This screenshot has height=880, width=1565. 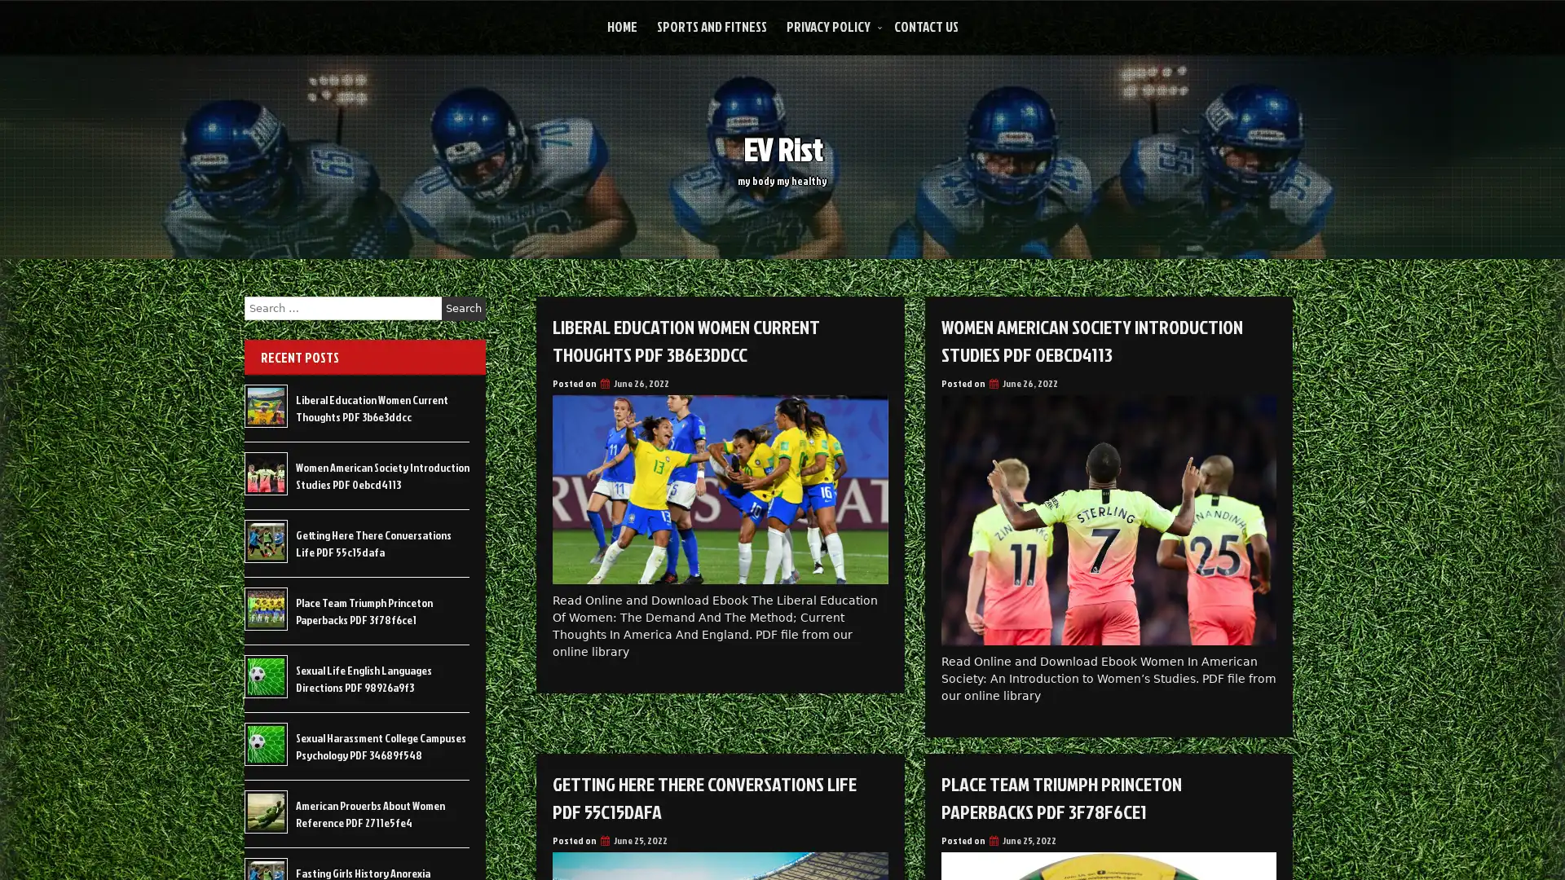 I want to click on Search, so click(x=463, y=308).